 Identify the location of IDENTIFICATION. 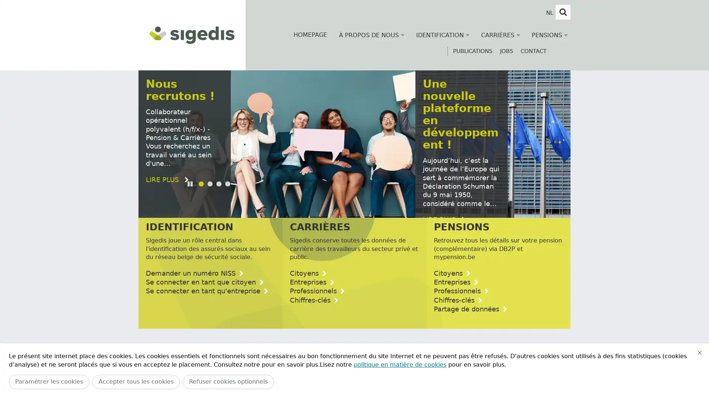
(443, 35).